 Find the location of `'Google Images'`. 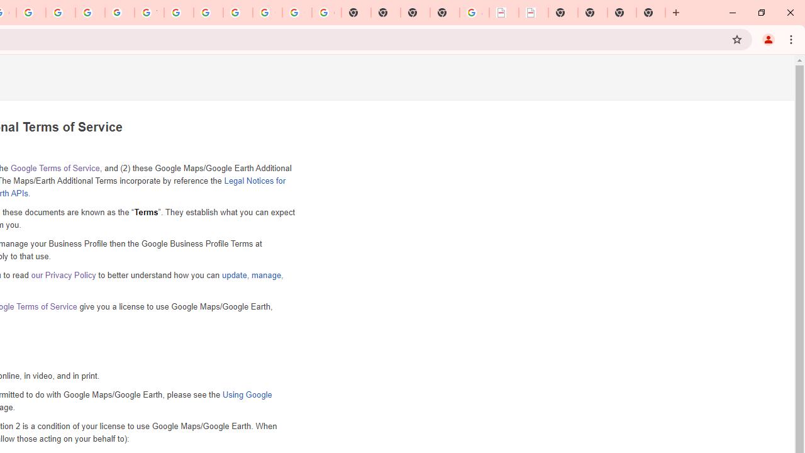

'Google Images' is located at coordinates (326, 13).